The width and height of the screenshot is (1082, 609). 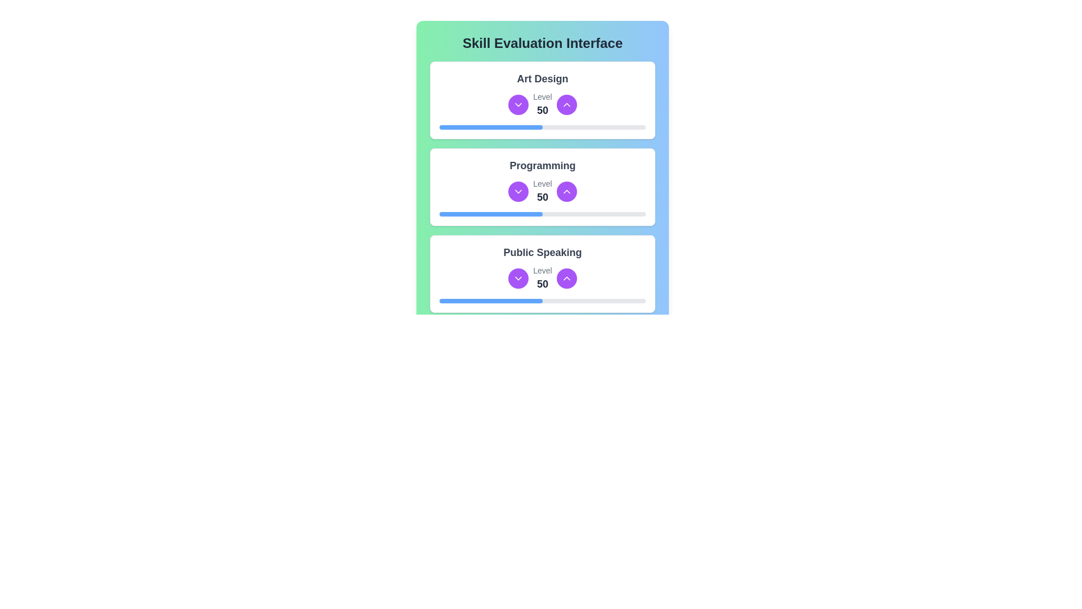 I want to click on the text label displaying 'Programming', which is a bold, dark gray label located at the top-central part of the second card in a vertical list of three cards, so click(x=543, y=165).